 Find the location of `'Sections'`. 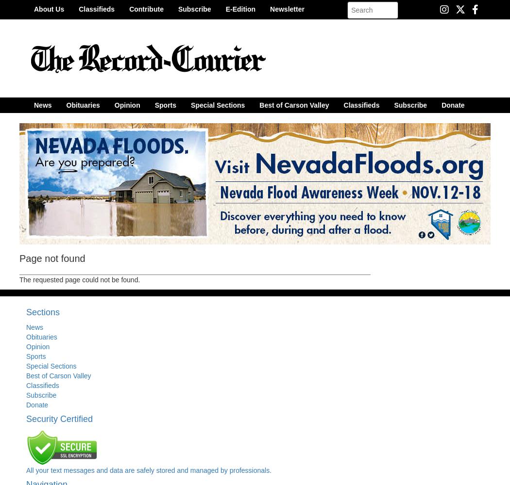

'Sections' is located at coordinates (43, 312).